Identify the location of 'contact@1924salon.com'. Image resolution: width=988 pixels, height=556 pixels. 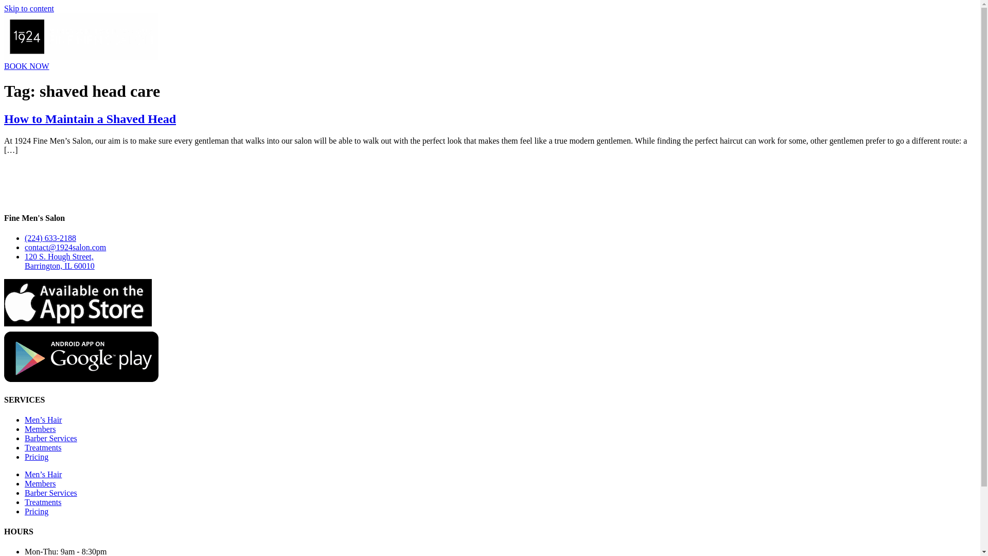
(64, 247).